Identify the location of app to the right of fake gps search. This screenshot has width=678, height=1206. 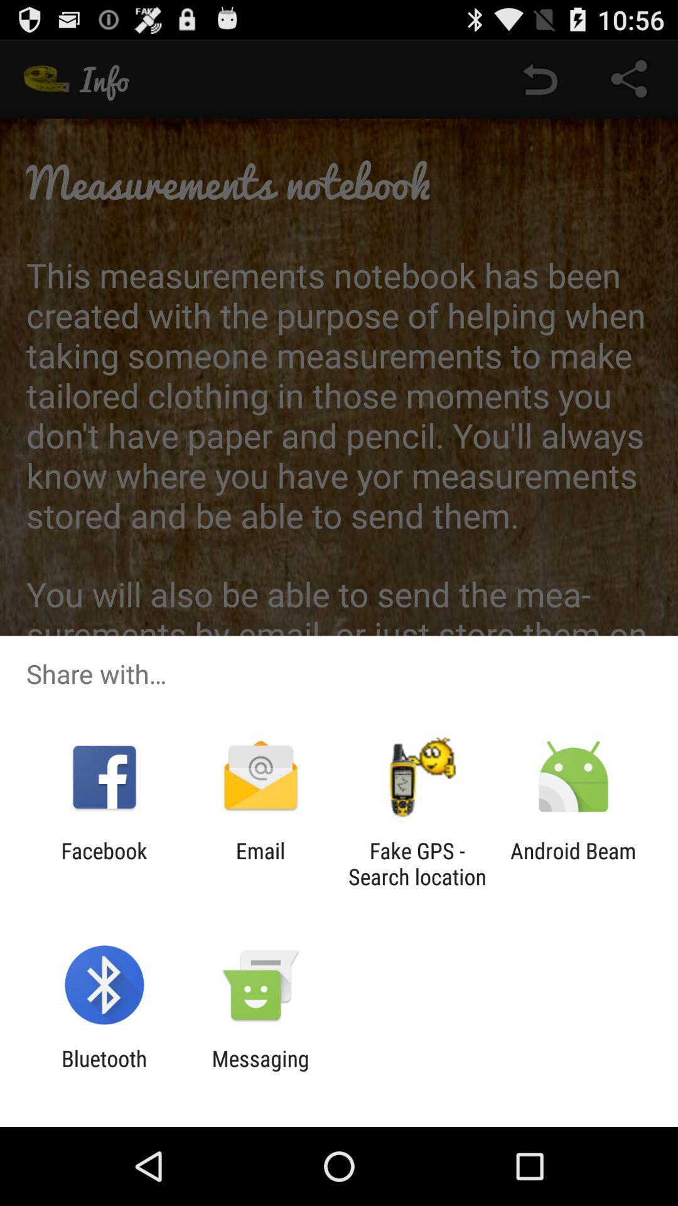
(573, 863).